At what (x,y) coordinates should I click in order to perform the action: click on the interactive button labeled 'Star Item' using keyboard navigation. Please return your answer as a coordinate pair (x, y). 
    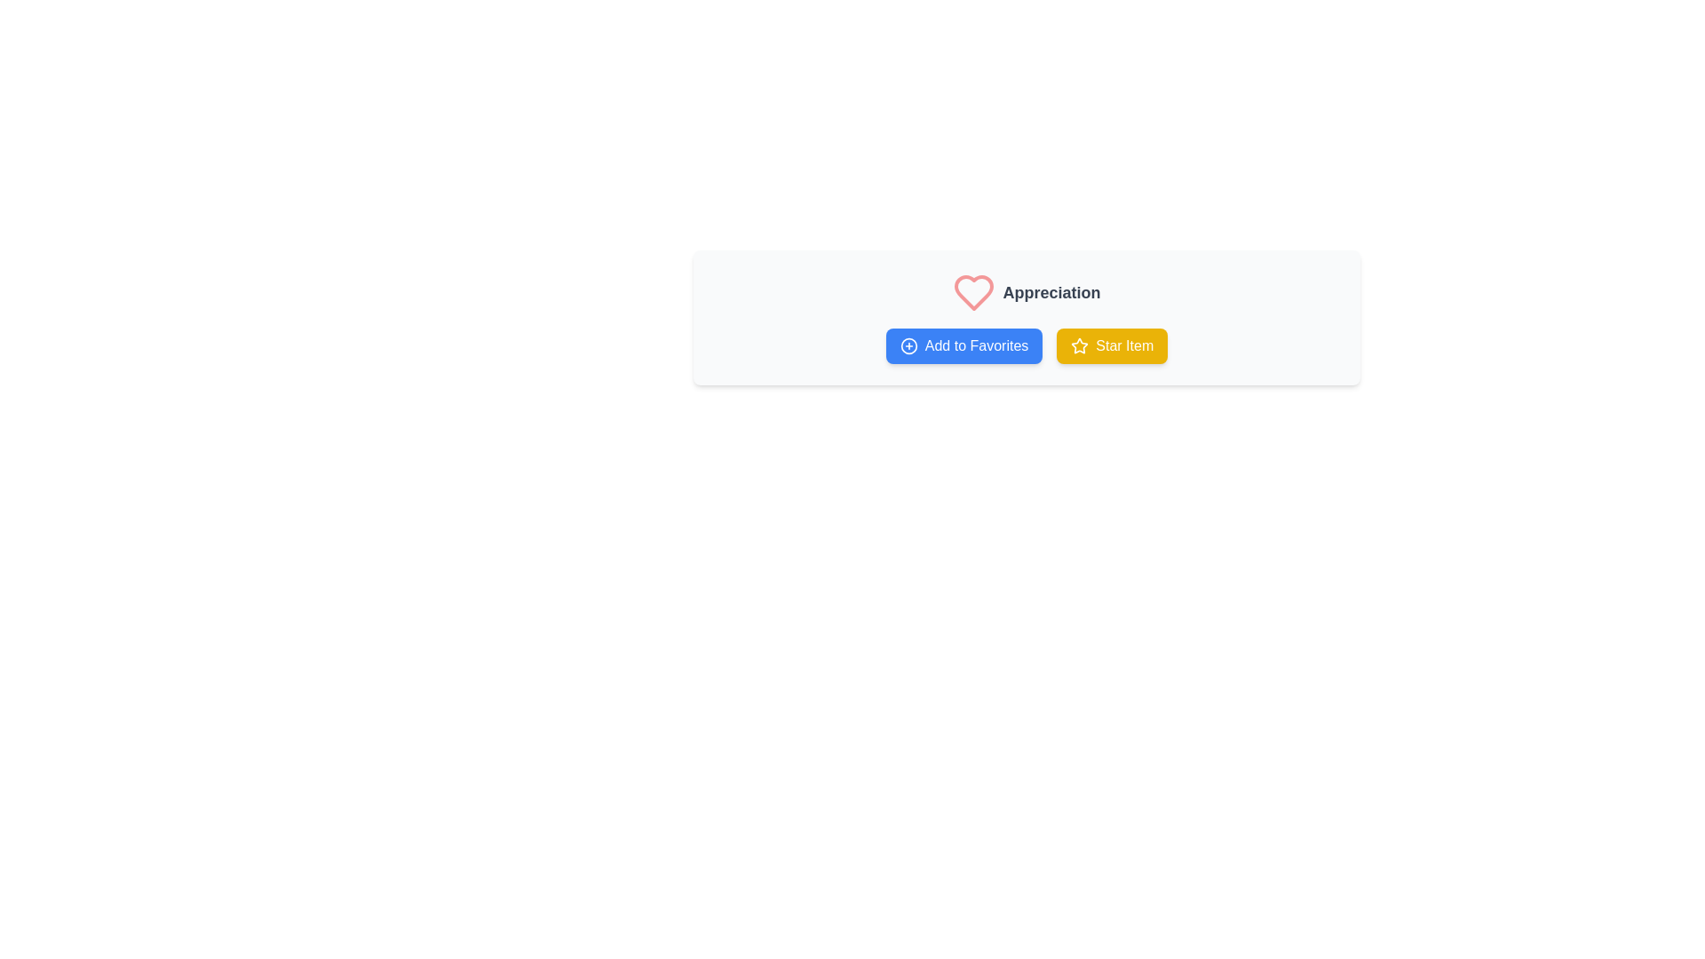
    Looking at the image, I should click on (1111, 345).